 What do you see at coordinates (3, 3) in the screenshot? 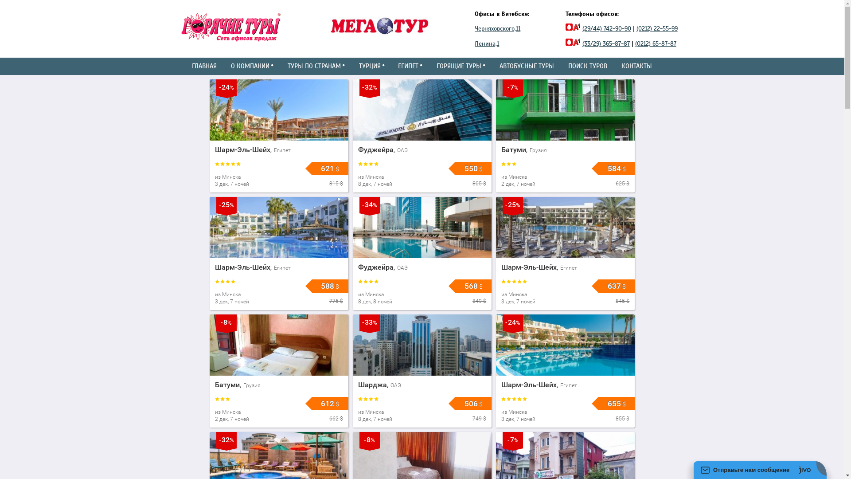
I see `'88.81'` at bounding box center [3, 3].